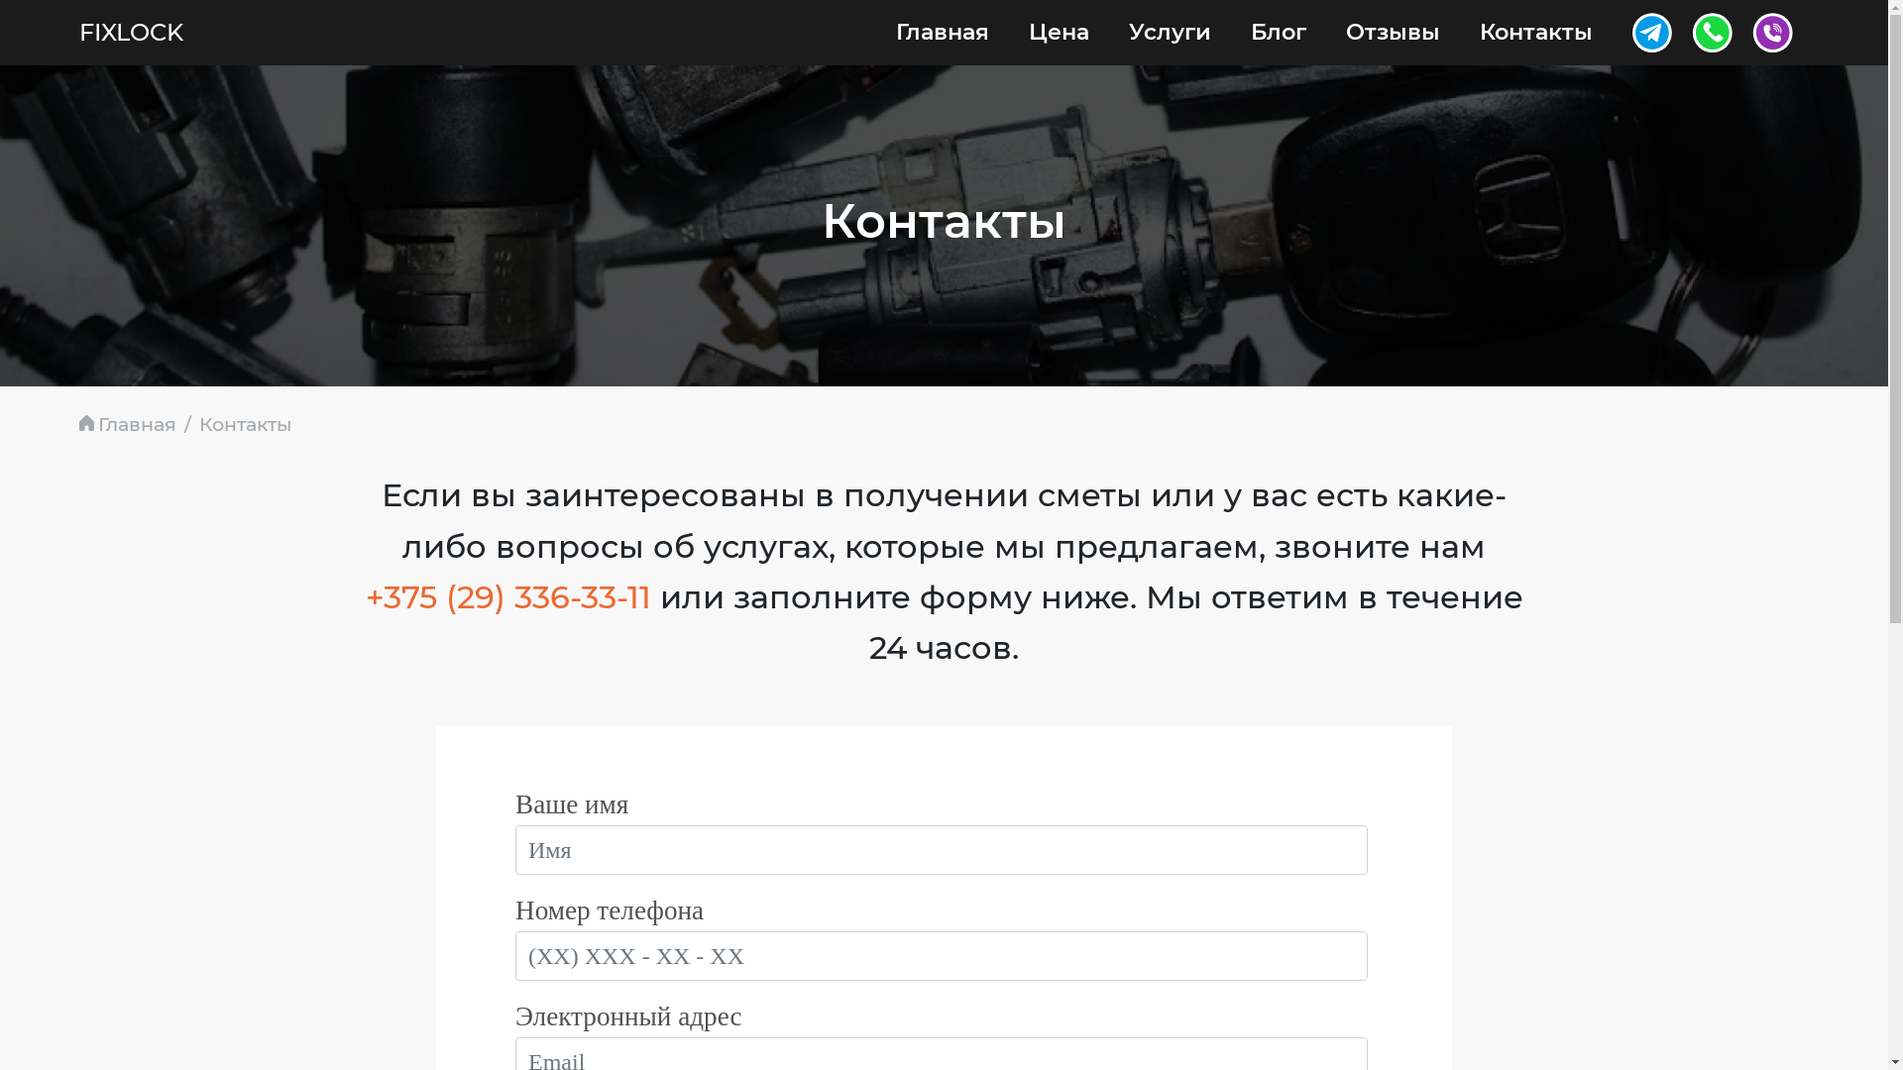  I want to click on '+375 (29) 336-33-11', so click(507, 595).